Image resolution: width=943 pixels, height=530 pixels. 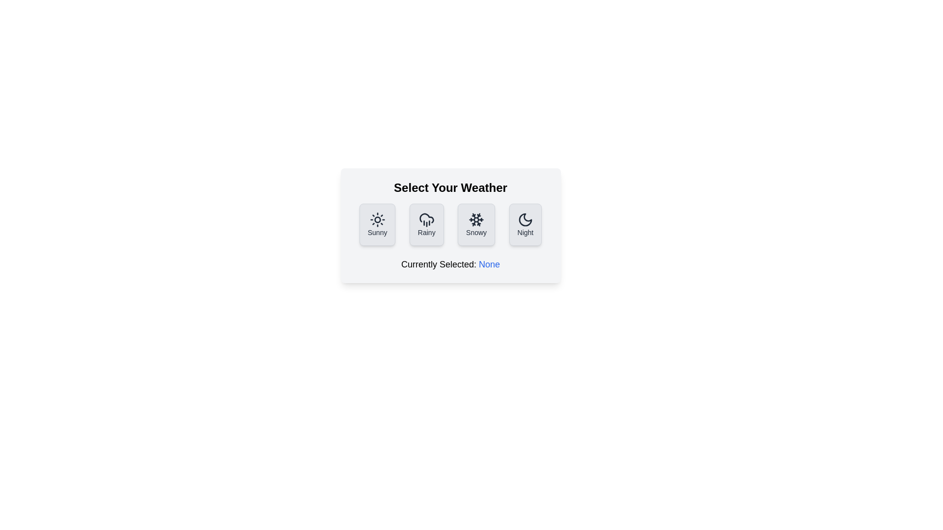 I want to click on text label 'Select Your Weather' which is a bold header at the top of the white rectangular card, so click(x=450, y=187).